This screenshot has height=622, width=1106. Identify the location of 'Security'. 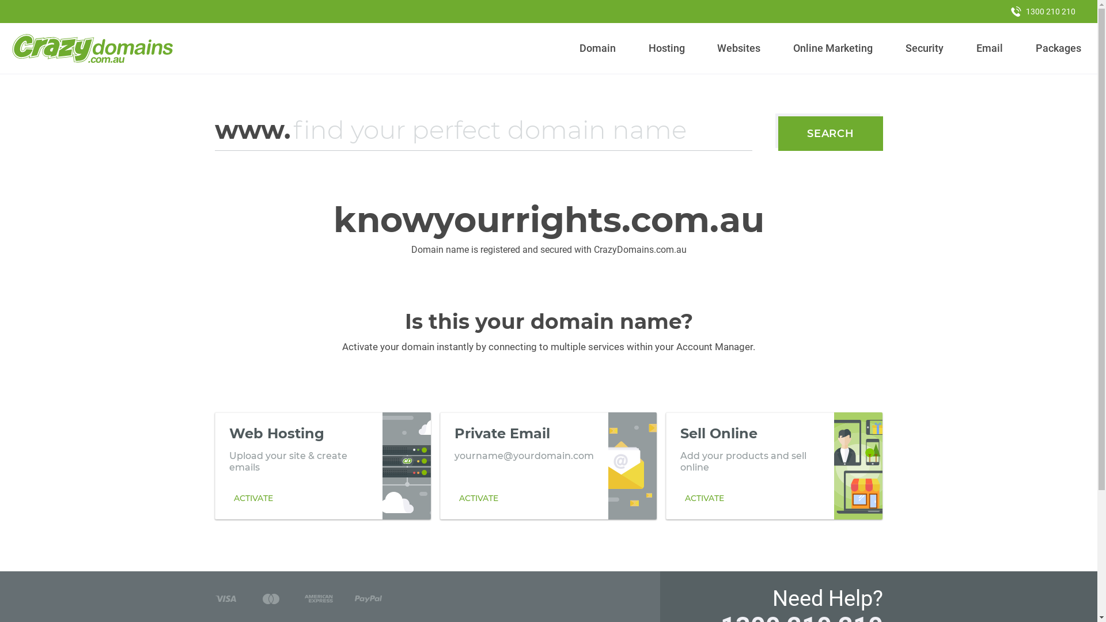
(900, 48).